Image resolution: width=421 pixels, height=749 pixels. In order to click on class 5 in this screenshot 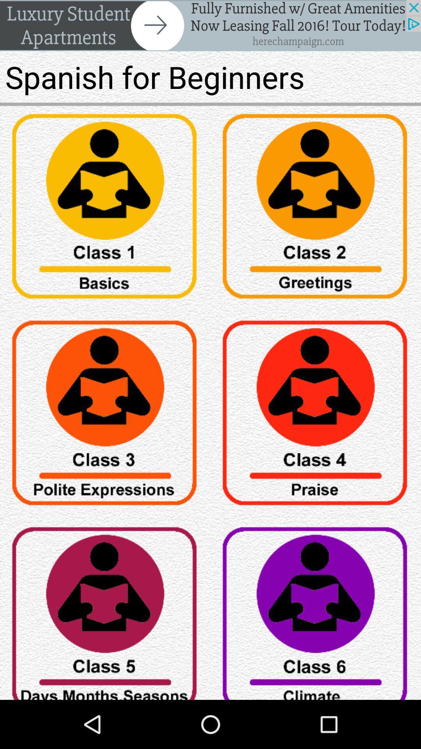, I will do `click(105, 609)`.